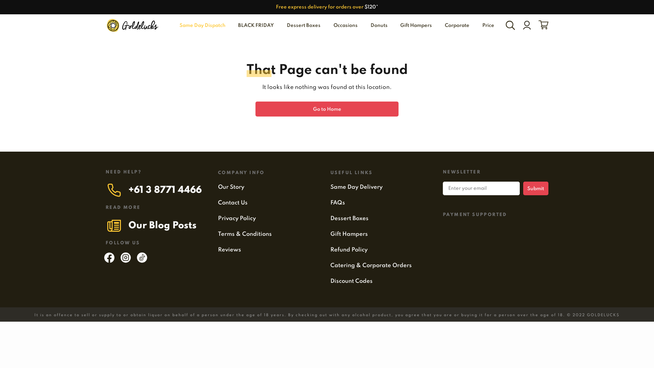  Describe the element at coordinates (327, 109) in the screenshot. I see `'Go to Home'` at that location.